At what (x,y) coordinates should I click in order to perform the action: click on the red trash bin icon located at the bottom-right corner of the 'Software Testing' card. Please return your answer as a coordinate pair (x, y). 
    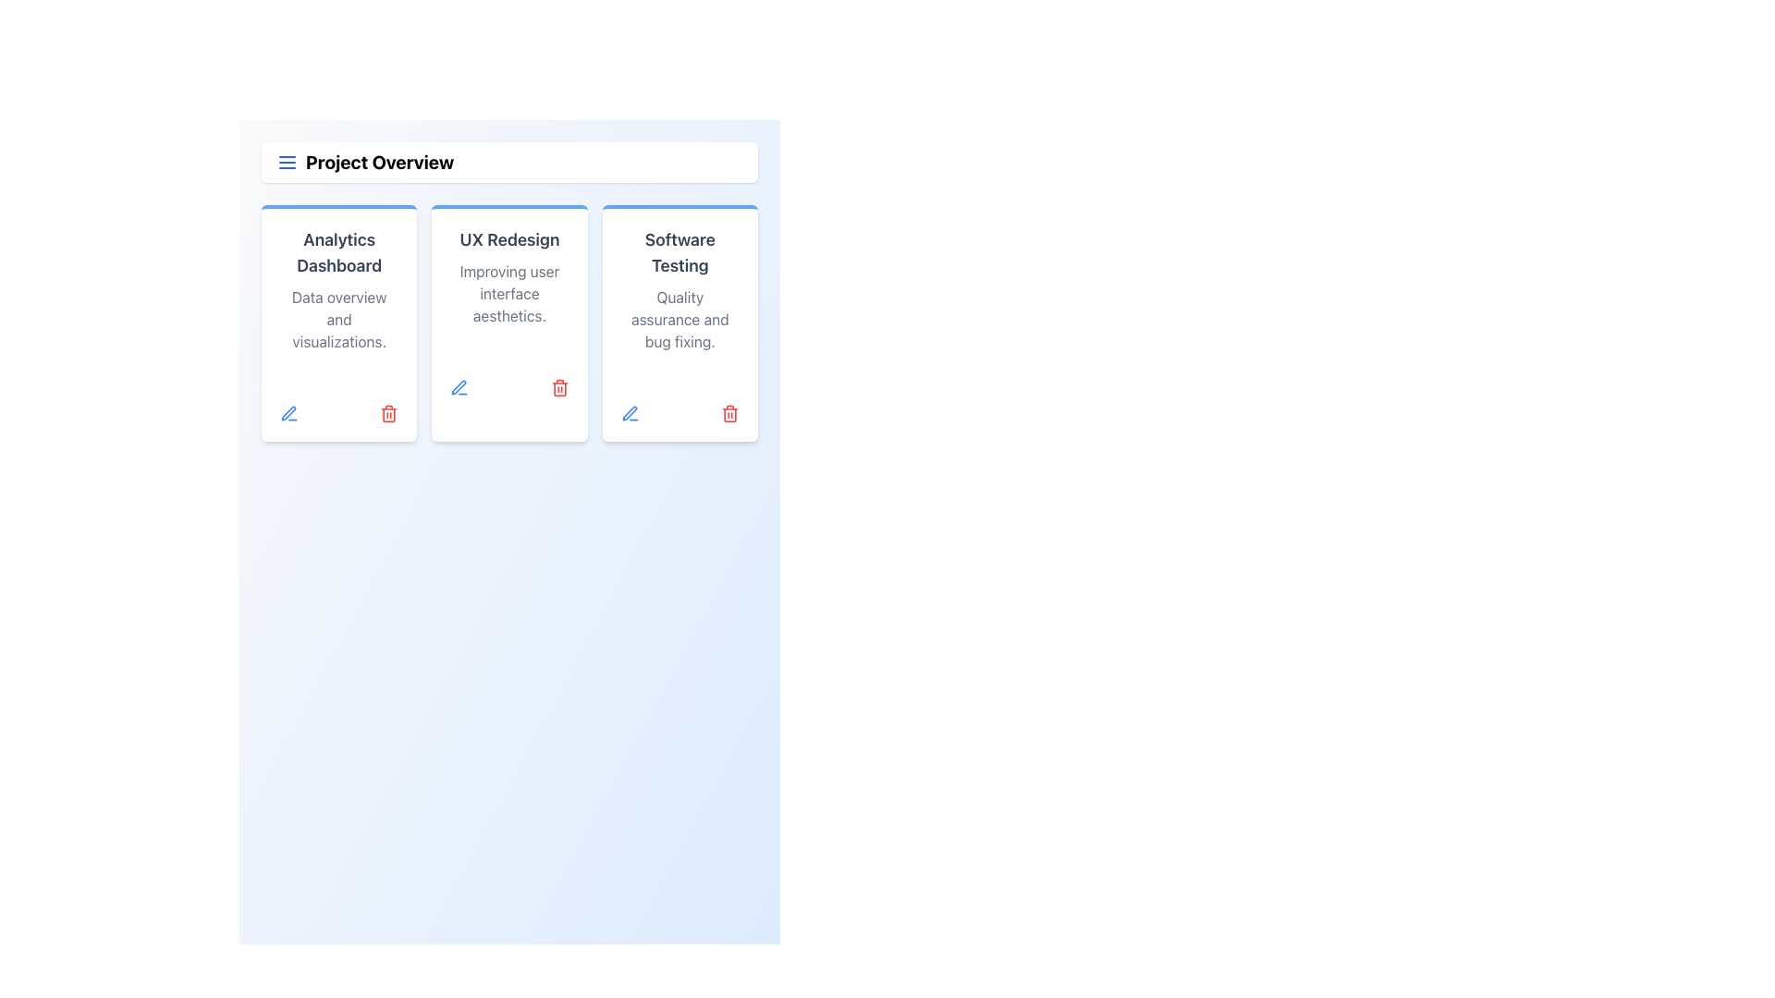
    Looking at the image, I should click on (728, 412).